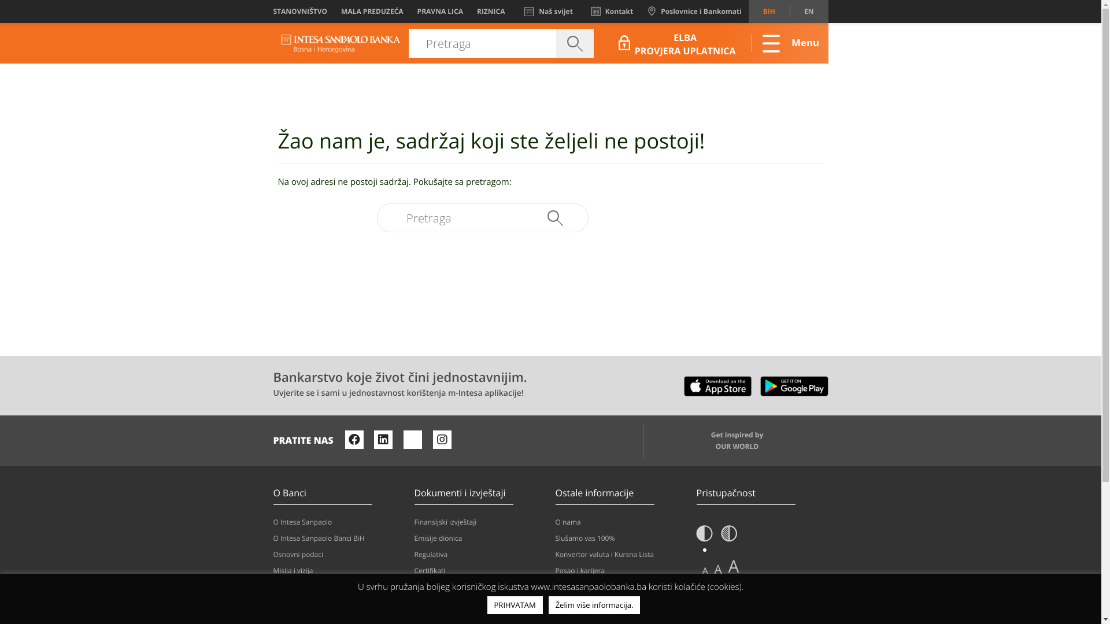 The image size is (1110, 624). Describe the element at coordinates (808, 11) in the screenshot. I see `'EN'` at that location.